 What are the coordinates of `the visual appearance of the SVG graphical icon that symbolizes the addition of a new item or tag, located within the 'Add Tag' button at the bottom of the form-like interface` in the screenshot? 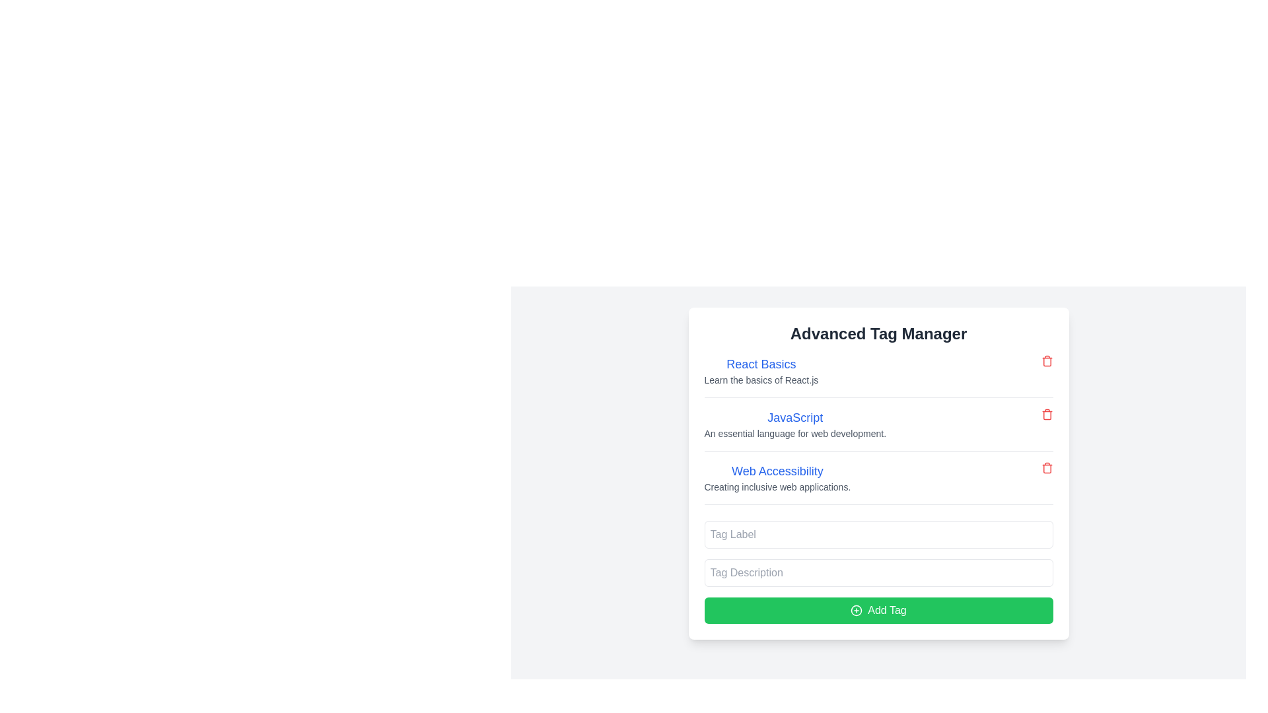 It's located at (857, 611).